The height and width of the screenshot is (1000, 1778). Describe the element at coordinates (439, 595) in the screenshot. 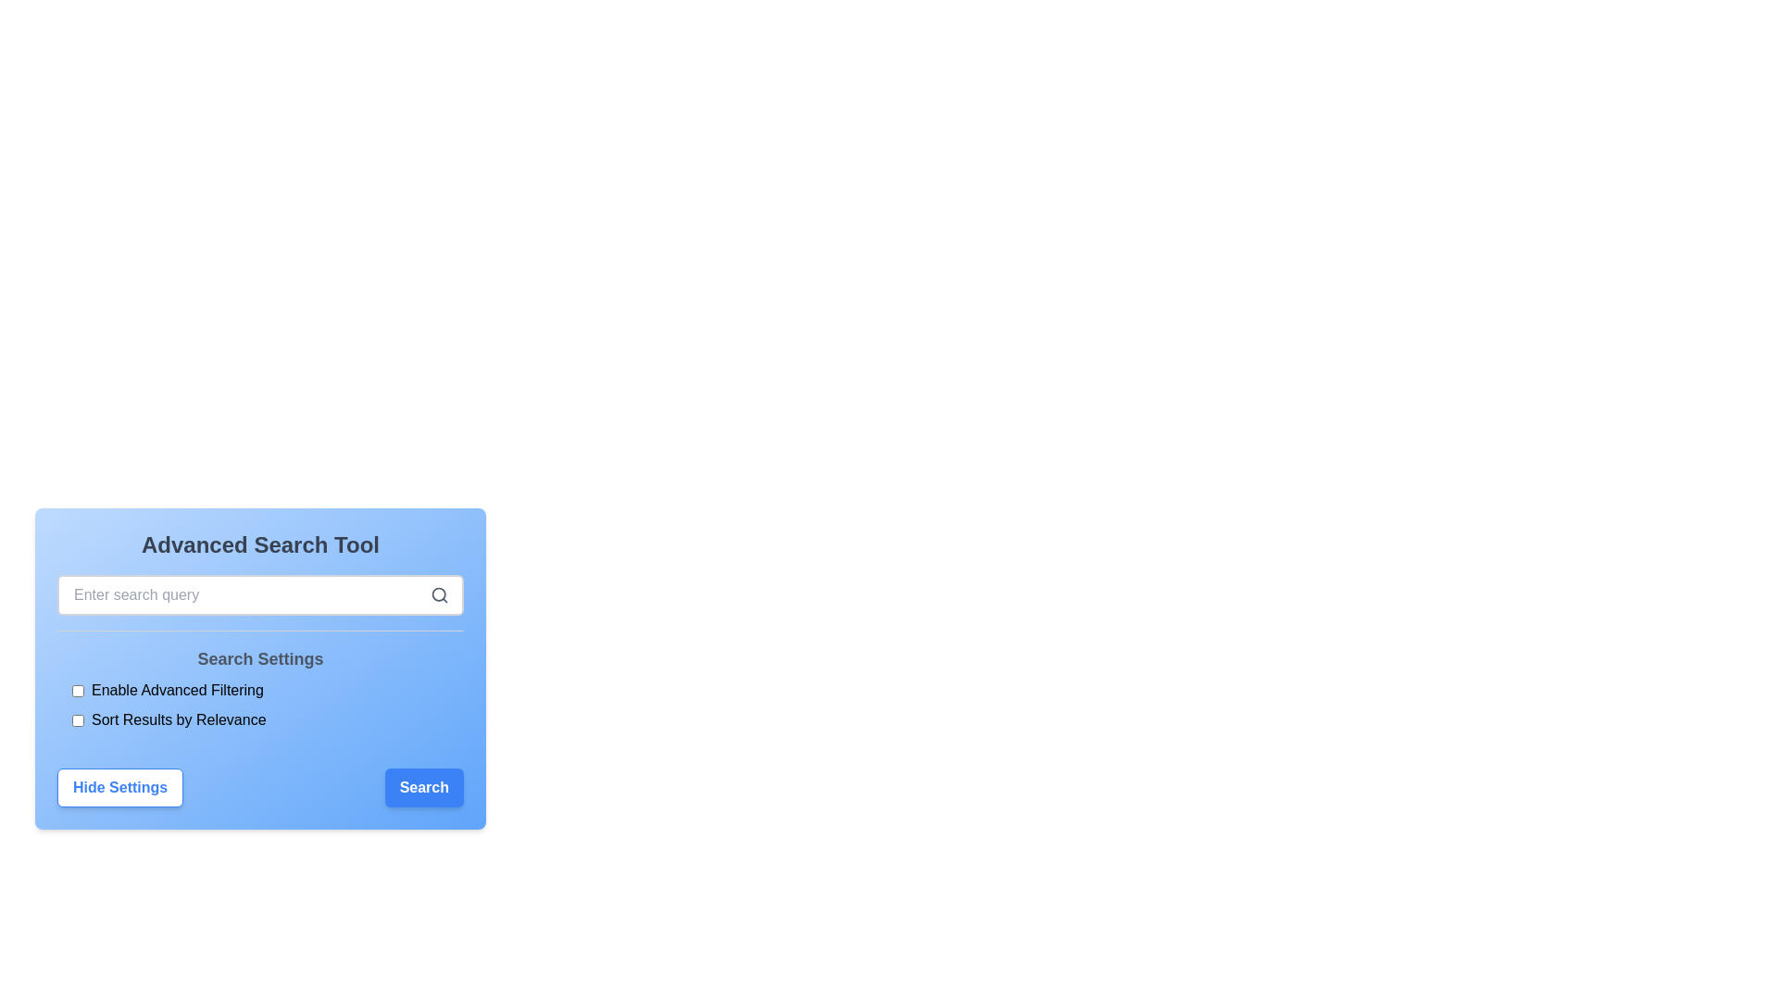

I see `the decorative magnifying glass icon` at that location.